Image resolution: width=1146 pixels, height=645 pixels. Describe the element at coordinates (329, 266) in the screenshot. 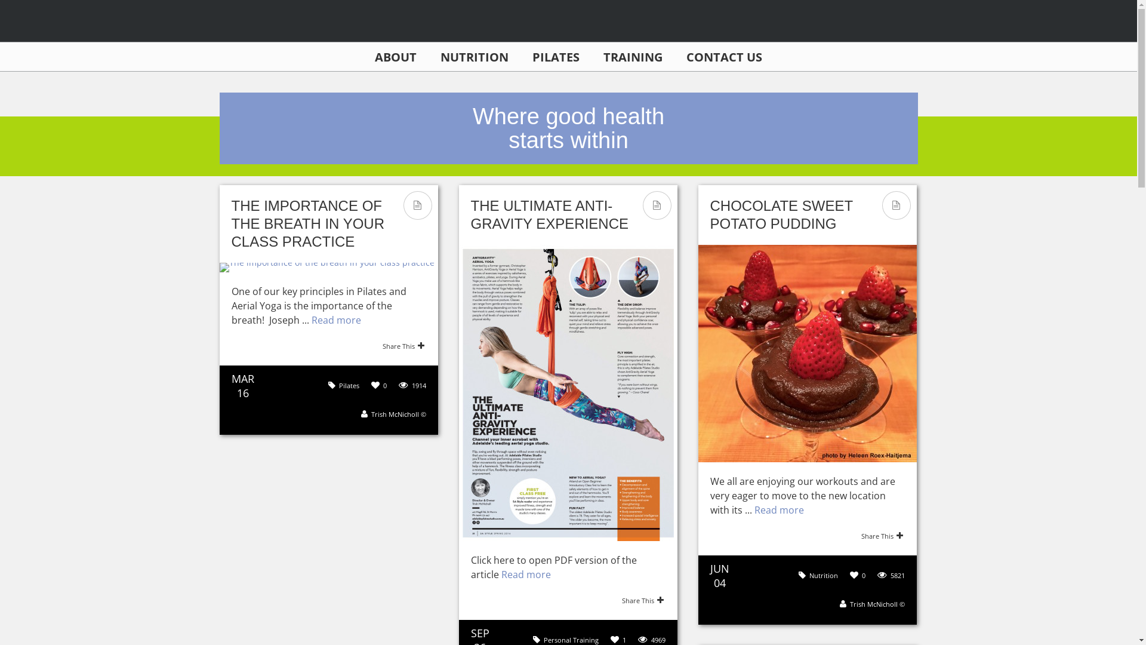

I see `'The importance of the breath in your class practice'` at that location.